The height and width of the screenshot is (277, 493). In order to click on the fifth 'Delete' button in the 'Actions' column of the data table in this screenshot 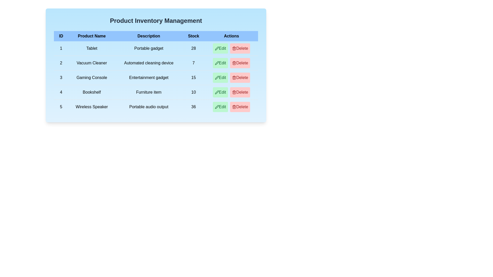, I will do `click(240, 92)`.